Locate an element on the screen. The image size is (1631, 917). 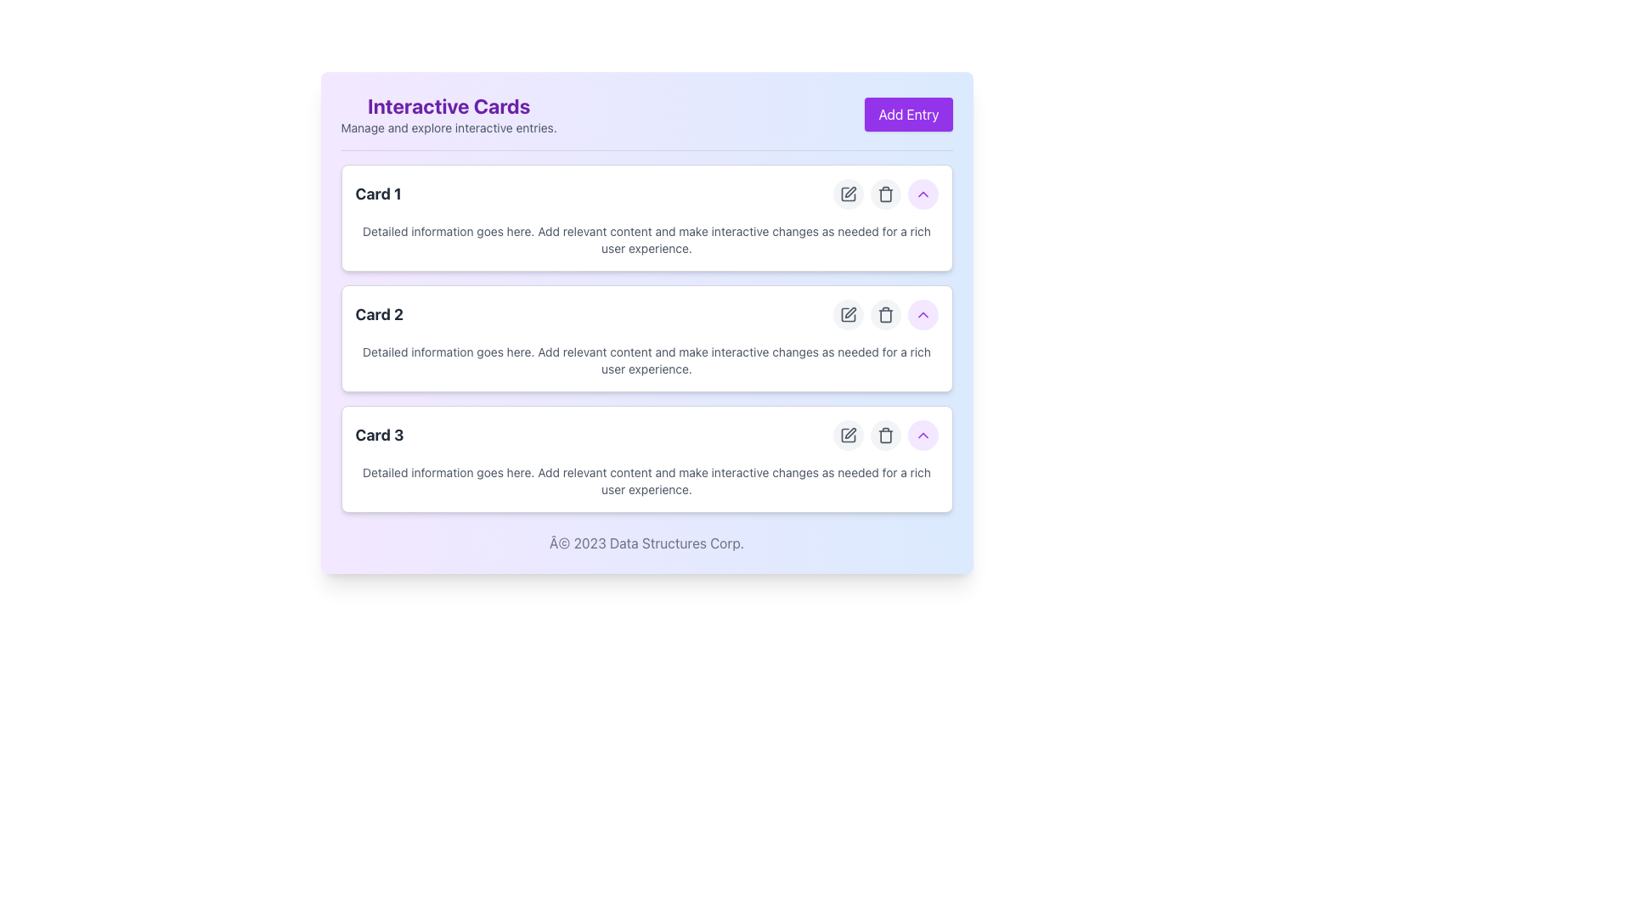
the static text that reads 'Manage and explore interactive entries', which is located directly below the 'Interactive Cards' heading is located at coordinates (449, 127).